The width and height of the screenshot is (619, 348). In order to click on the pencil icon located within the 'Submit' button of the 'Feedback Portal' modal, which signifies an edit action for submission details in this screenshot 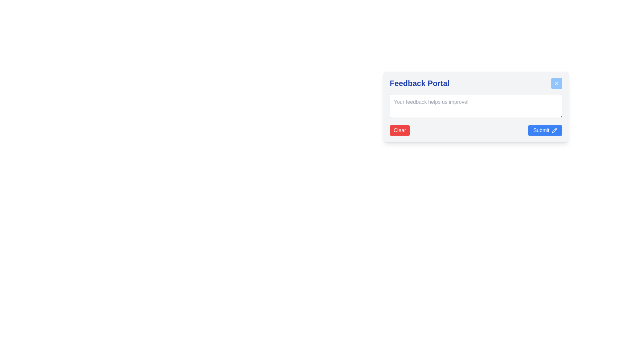, I will do `click(554, 130)`.